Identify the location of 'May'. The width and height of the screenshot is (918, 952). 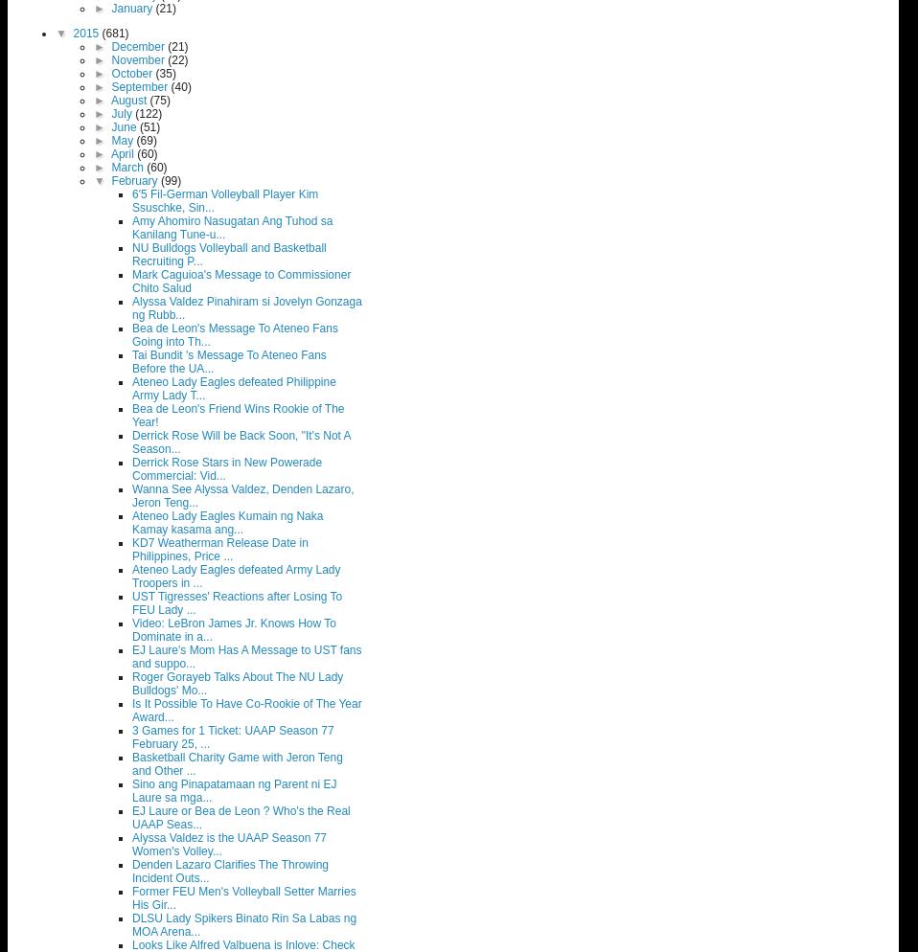
(124, 141).